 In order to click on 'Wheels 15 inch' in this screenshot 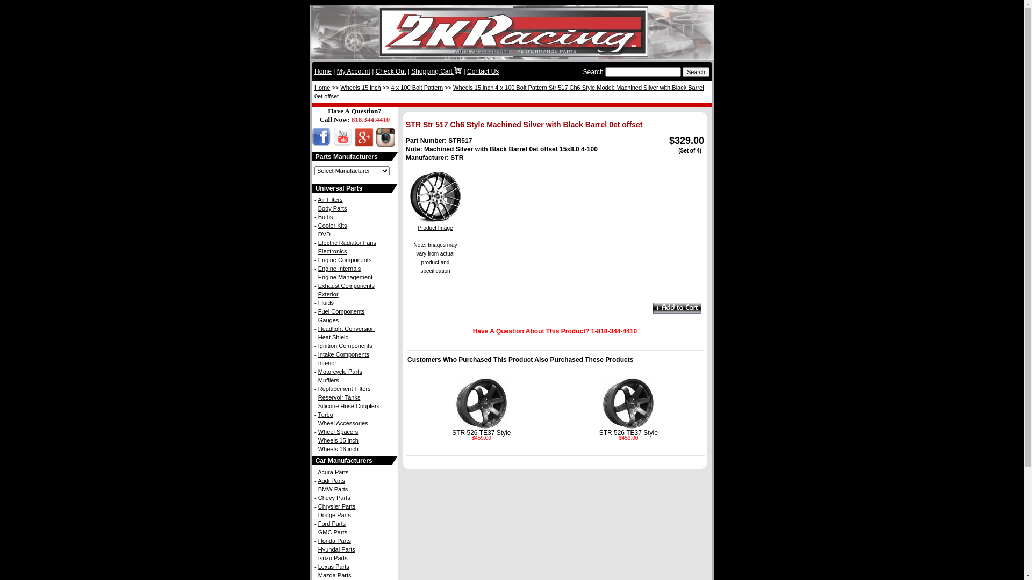, I will do `click(340, 86)`.